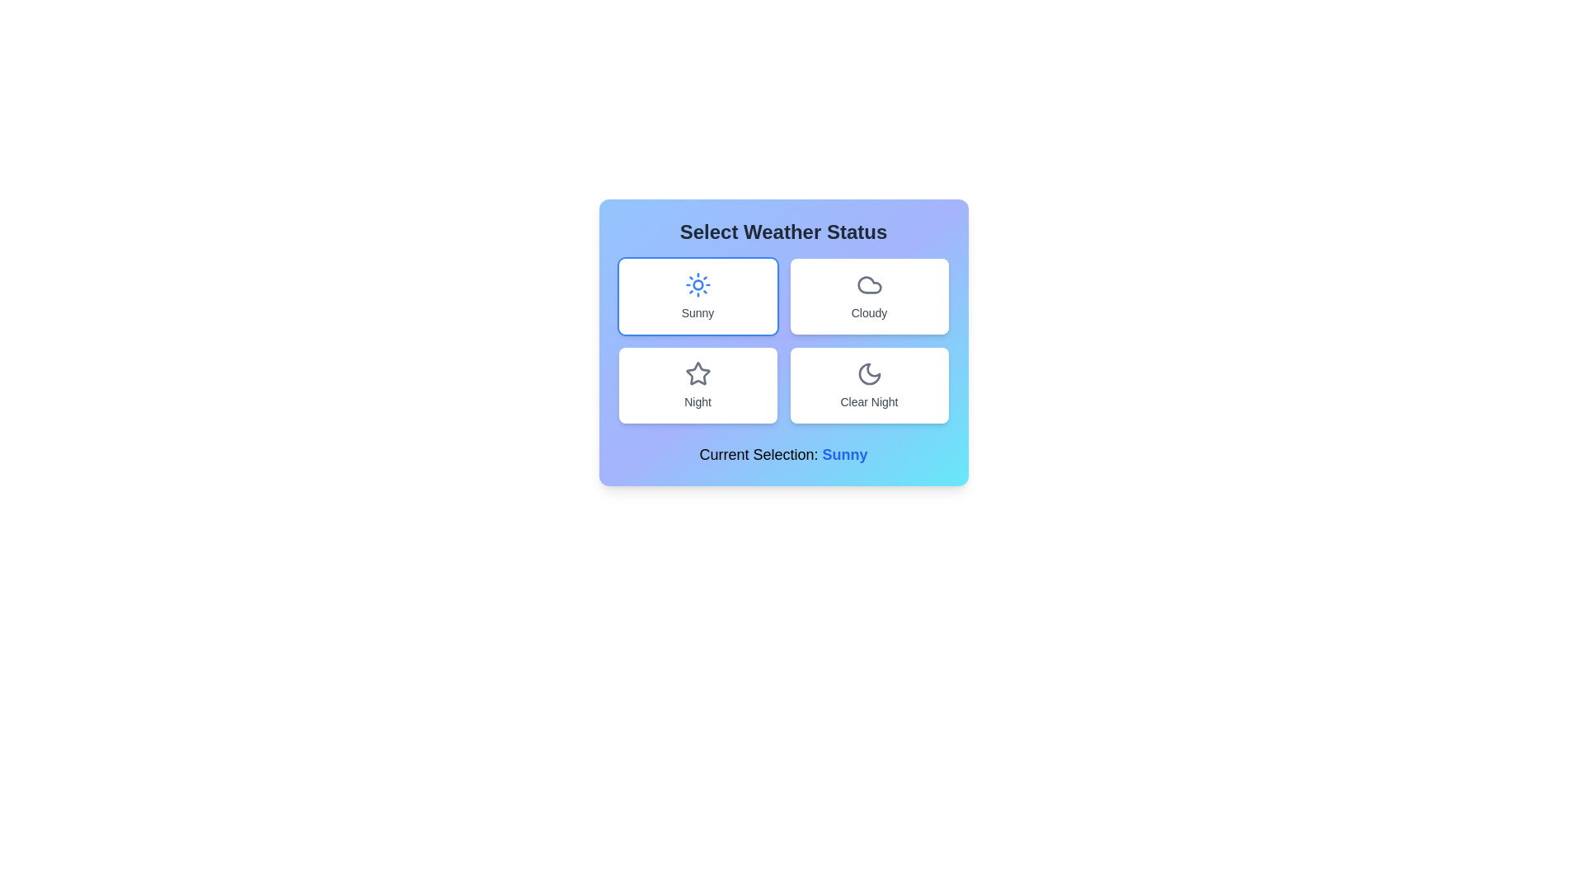 Image resolution: width=1583 pixels, height=890 pixels. I want to click on the star-shaped icon within the 'Night' button, located in the bottom-left corner of the weather selection panel, so click(697, 372).